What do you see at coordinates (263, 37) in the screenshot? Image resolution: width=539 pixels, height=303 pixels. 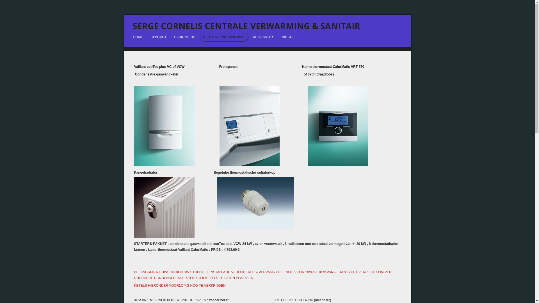 I see `'REALISATIES'` at bounding box center [263, 37].